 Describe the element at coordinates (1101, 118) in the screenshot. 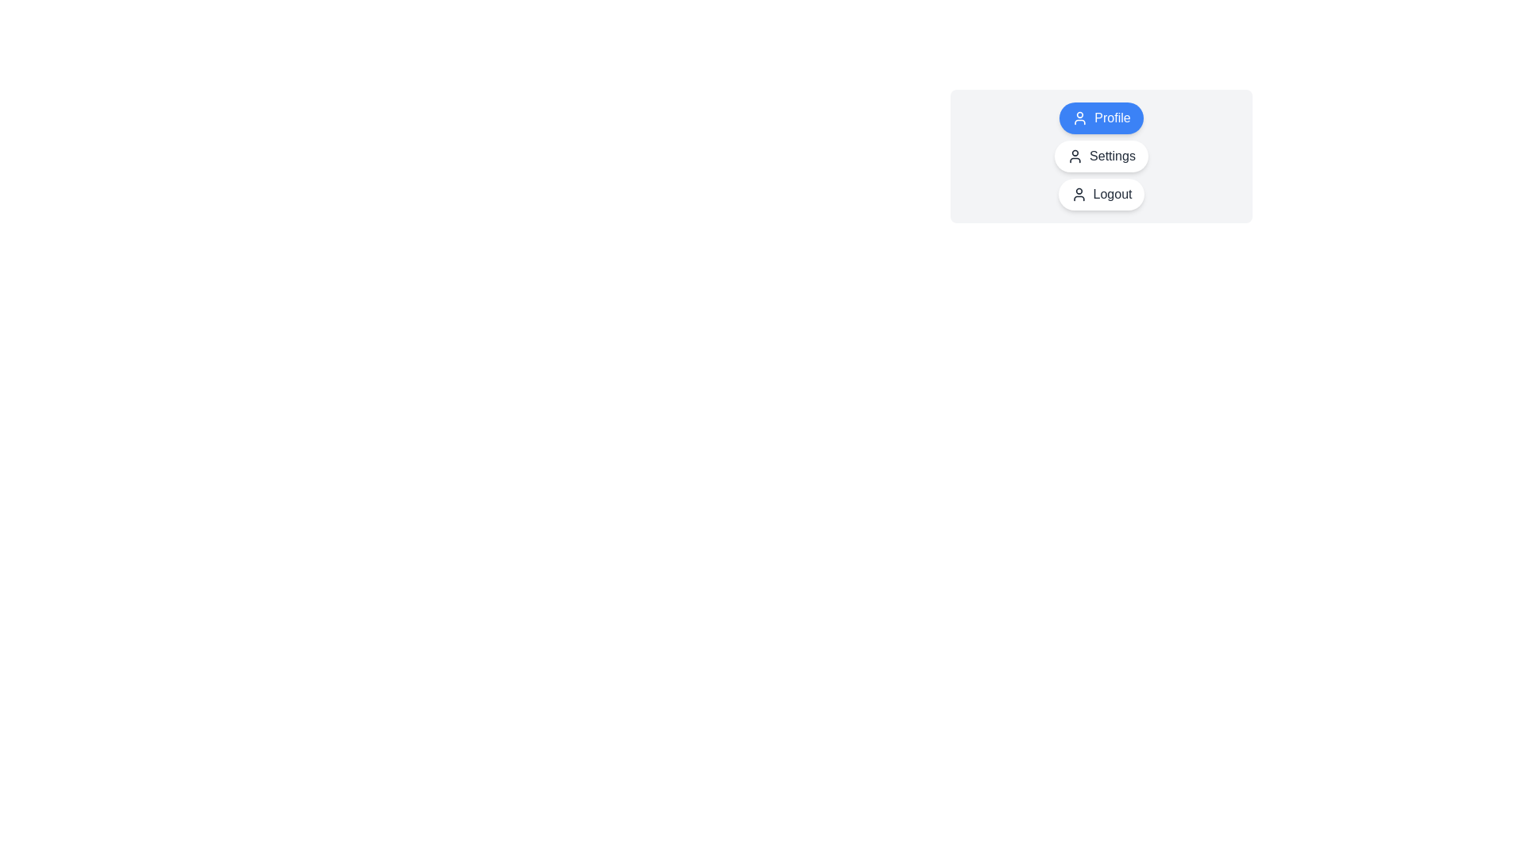

I see `the chip labeled Profile to change the active selection` at that location.